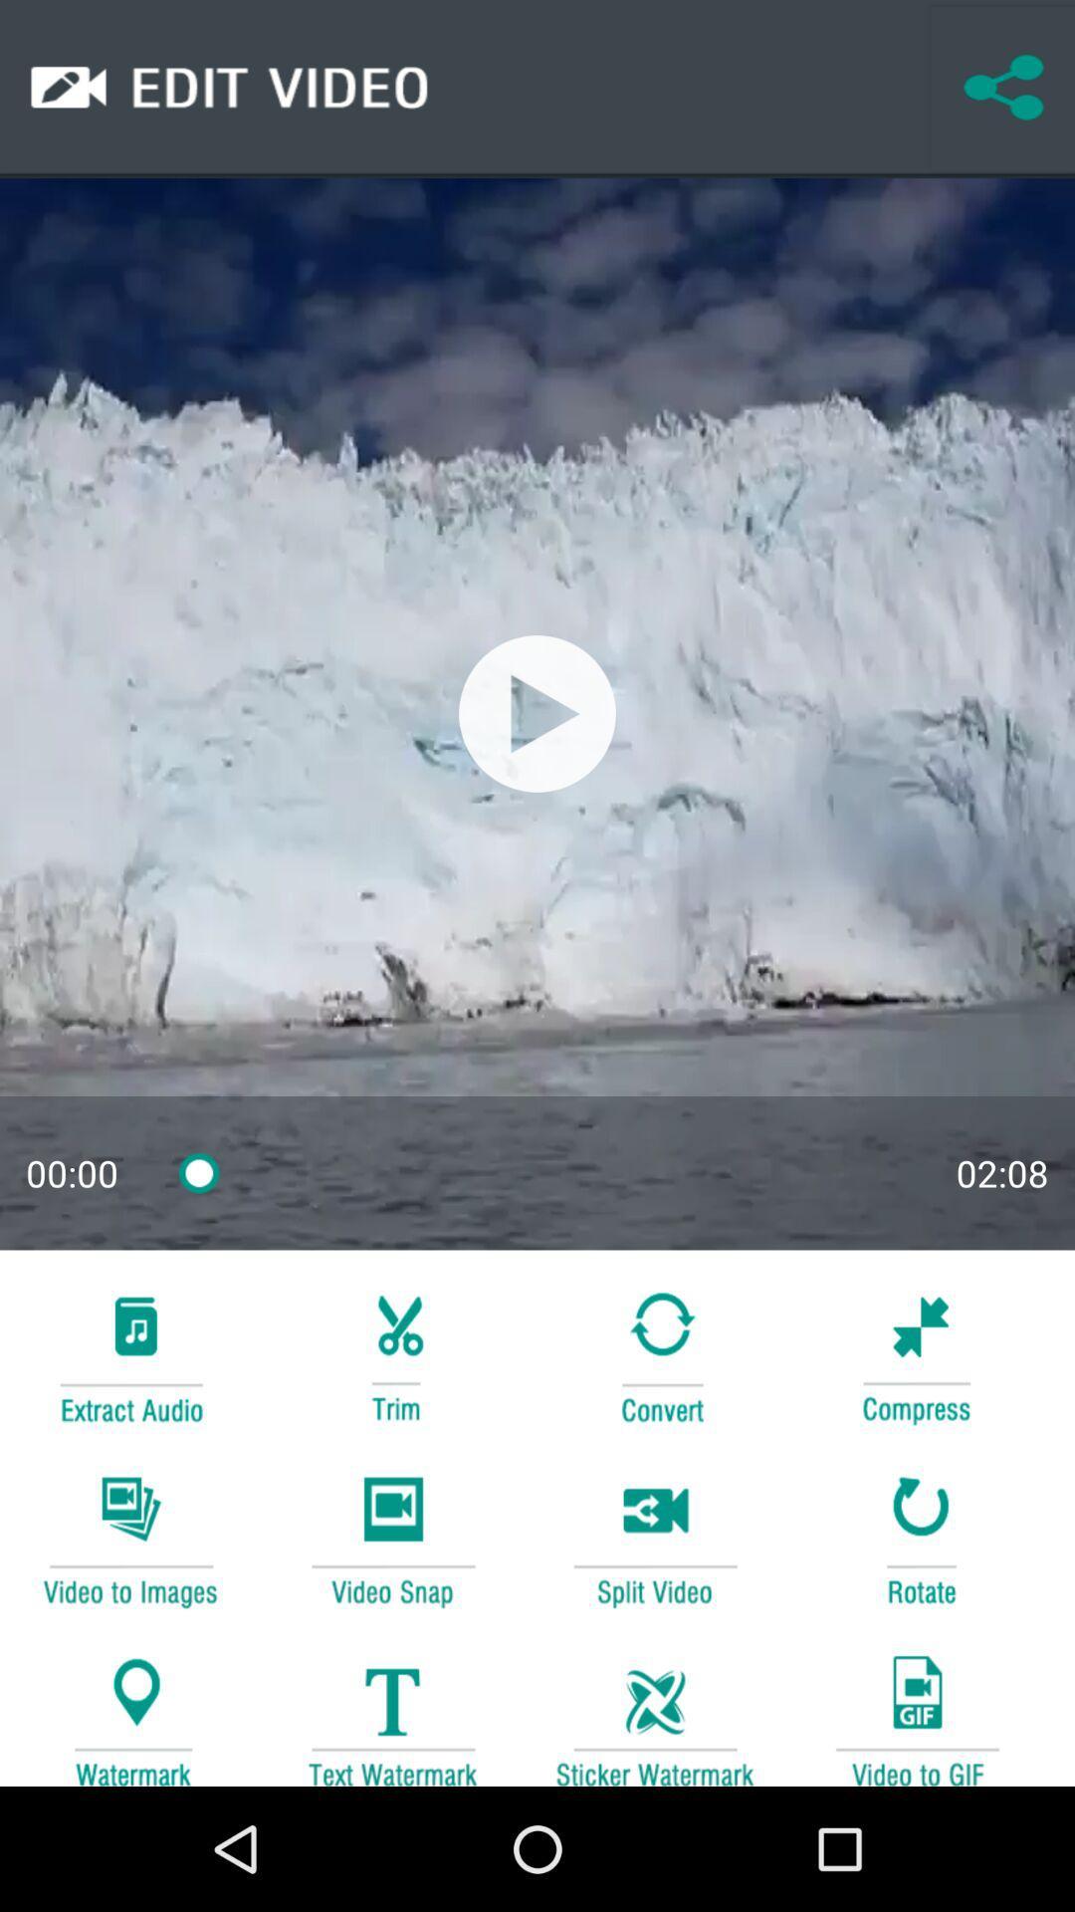 This screenshot has height=1912, width=1075. What do you see at coordinates (655, 1354) in the screenshot?
I see `convert video` at bounding box center [655, 1354].